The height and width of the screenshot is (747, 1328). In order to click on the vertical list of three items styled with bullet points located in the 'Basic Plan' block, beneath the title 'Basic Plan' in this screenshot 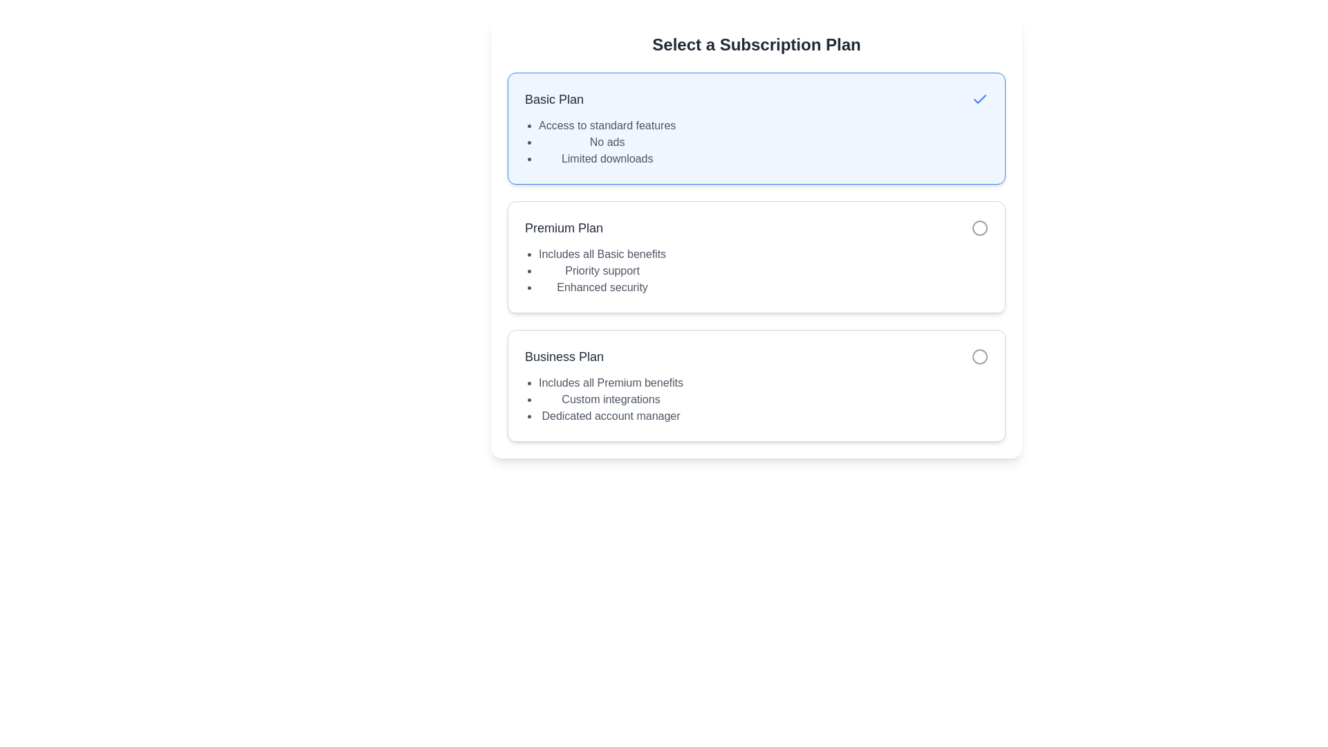, I will do `click(600, 142)`.